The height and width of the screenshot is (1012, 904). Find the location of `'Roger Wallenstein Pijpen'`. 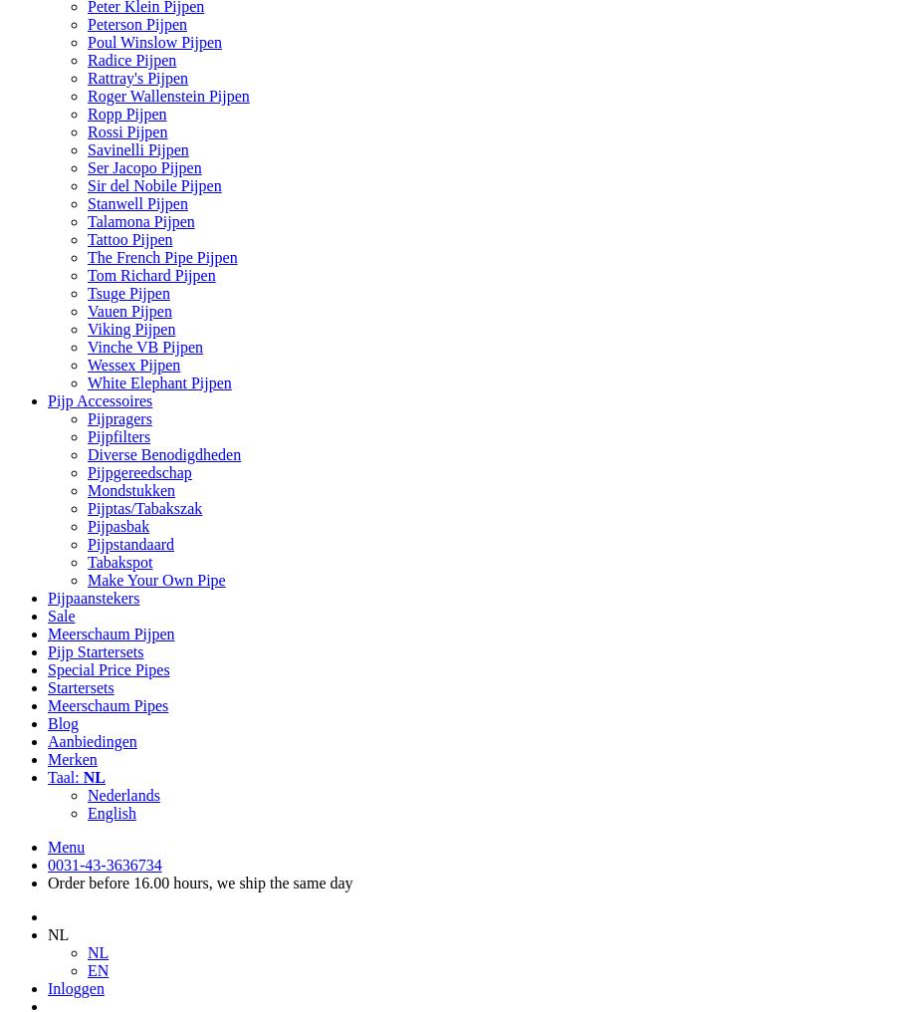

'Roger Wallenstein Pijpen' is located at coordinates (166, 96).